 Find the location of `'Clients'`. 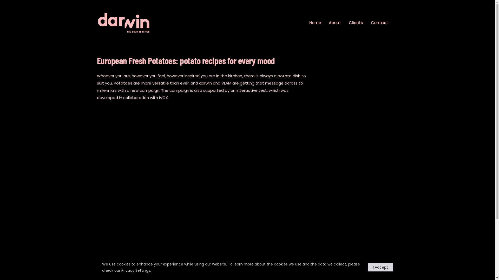

'Clients' is located at coordinates (356, 22).